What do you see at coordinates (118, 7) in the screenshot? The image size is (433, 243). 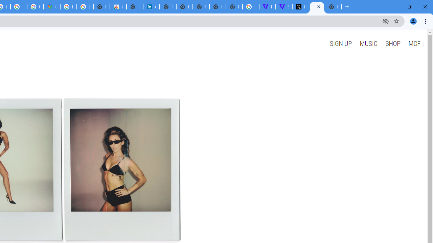 I see `'Chrome Web Store'` at bounding box center [118, 7].